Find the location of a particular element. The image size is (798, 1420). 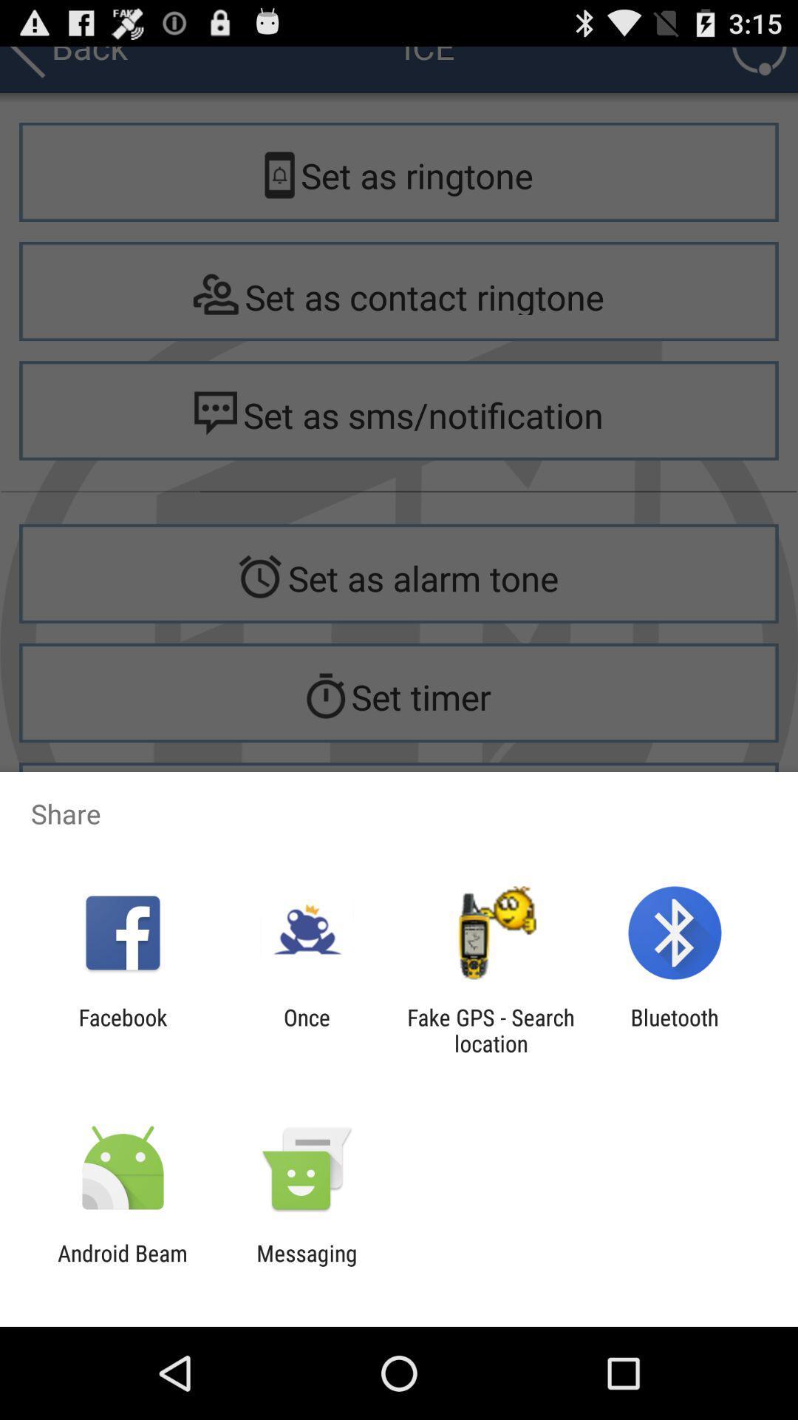

the messaging is located at coordinates (306, 1265).